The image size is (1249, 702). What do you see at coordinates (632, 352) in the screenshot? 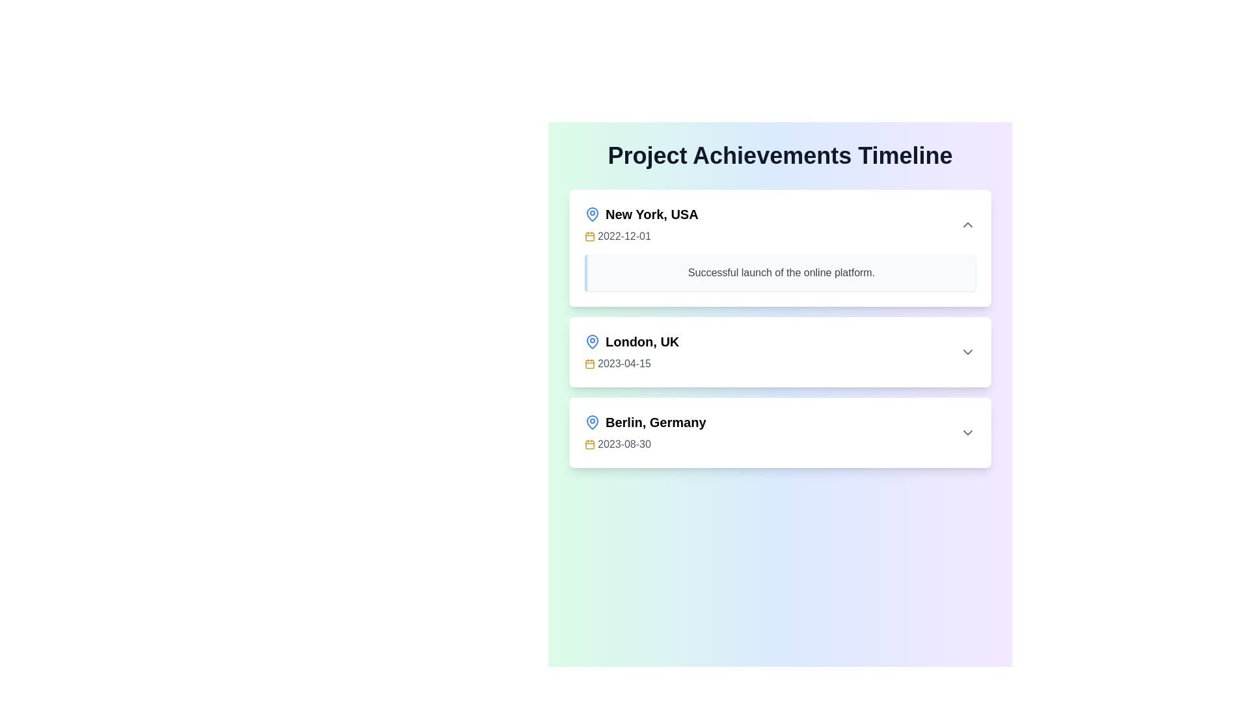
I see `the 'London, UK' event text in the timeline` at bounding box center [632, 352].